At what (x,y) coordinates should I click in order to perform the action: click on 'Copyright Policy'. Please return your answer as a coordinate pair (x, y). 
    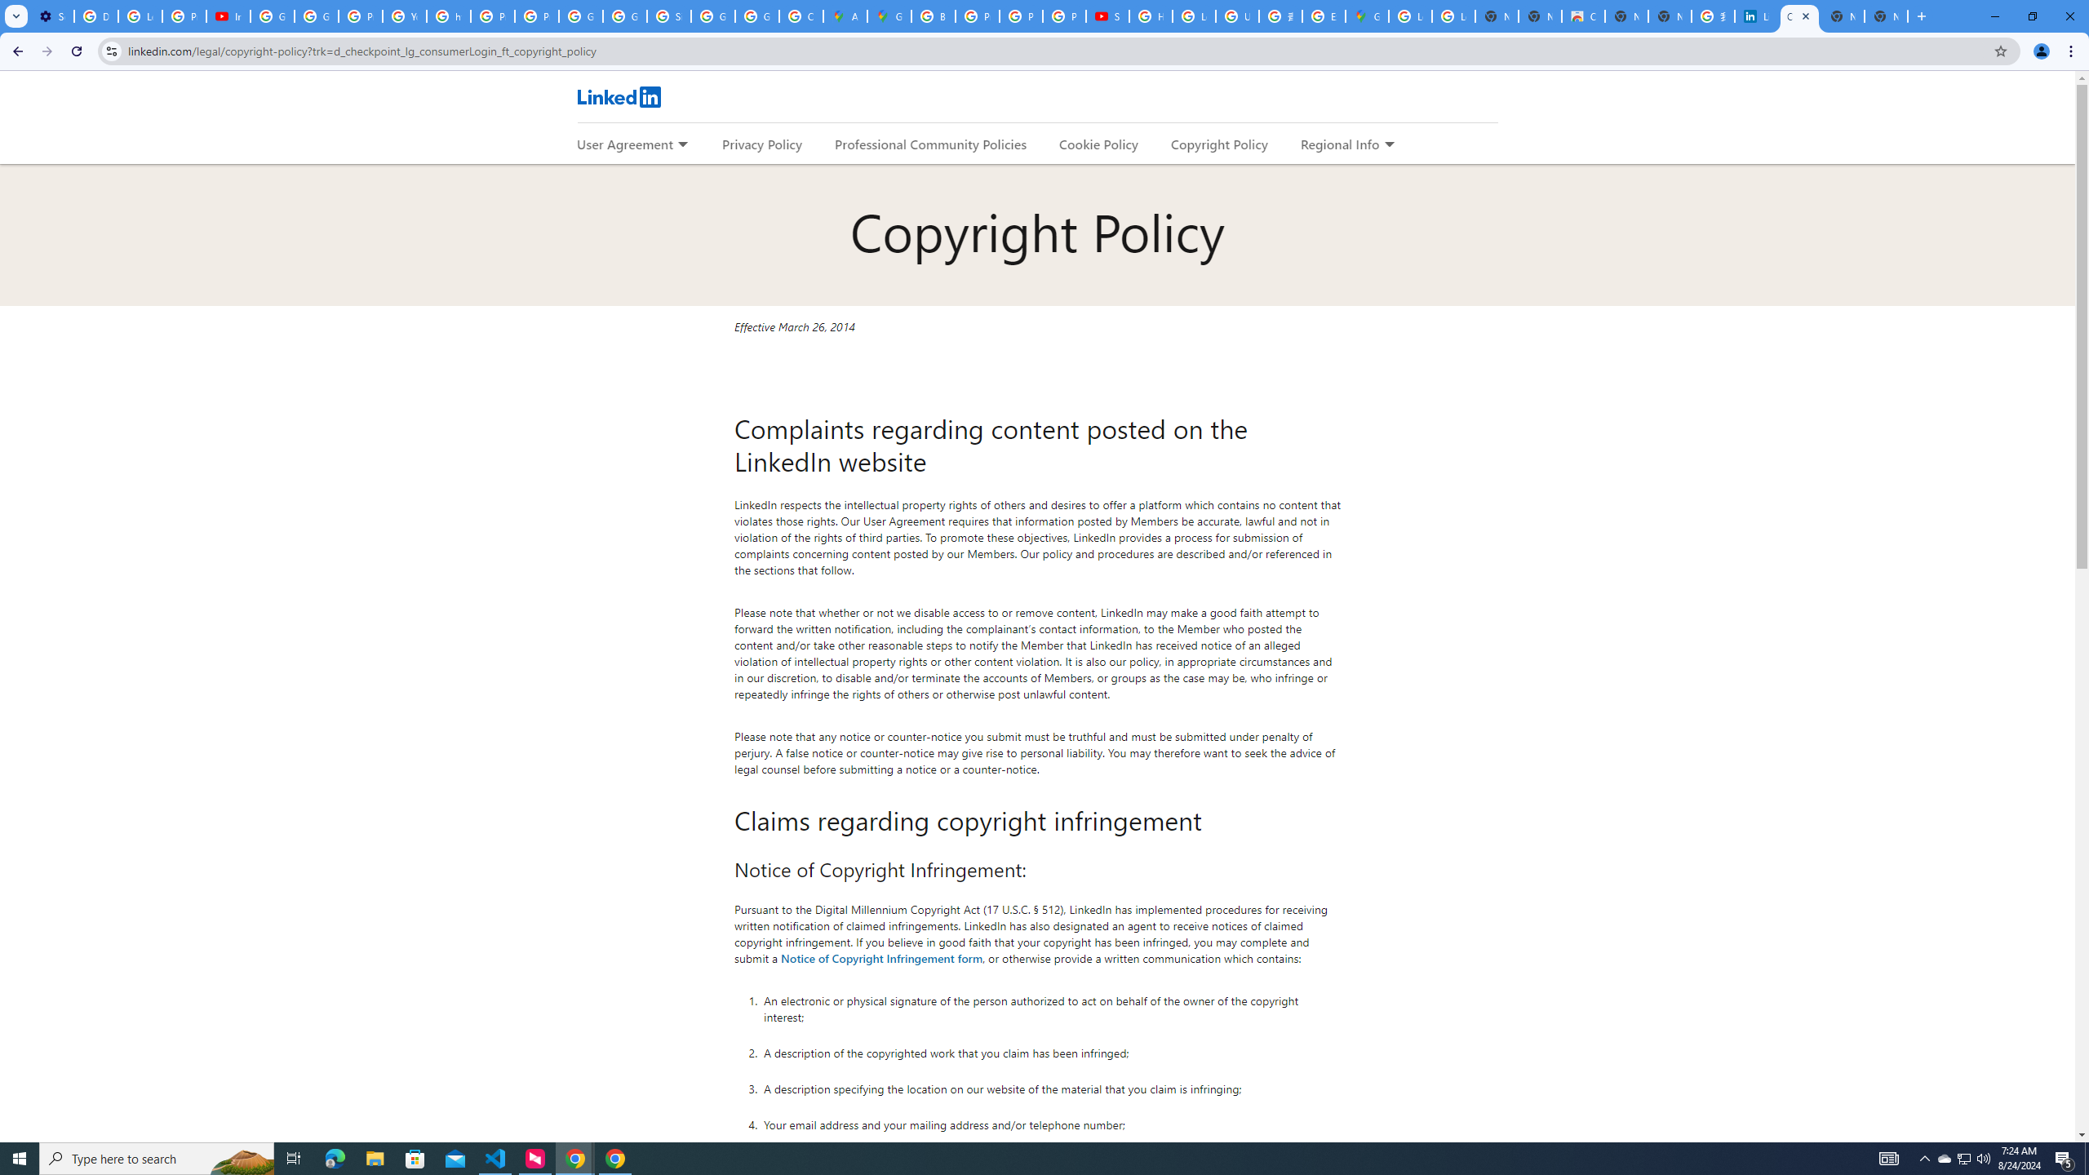
    Looking at the image, I should click on (1217, 144).